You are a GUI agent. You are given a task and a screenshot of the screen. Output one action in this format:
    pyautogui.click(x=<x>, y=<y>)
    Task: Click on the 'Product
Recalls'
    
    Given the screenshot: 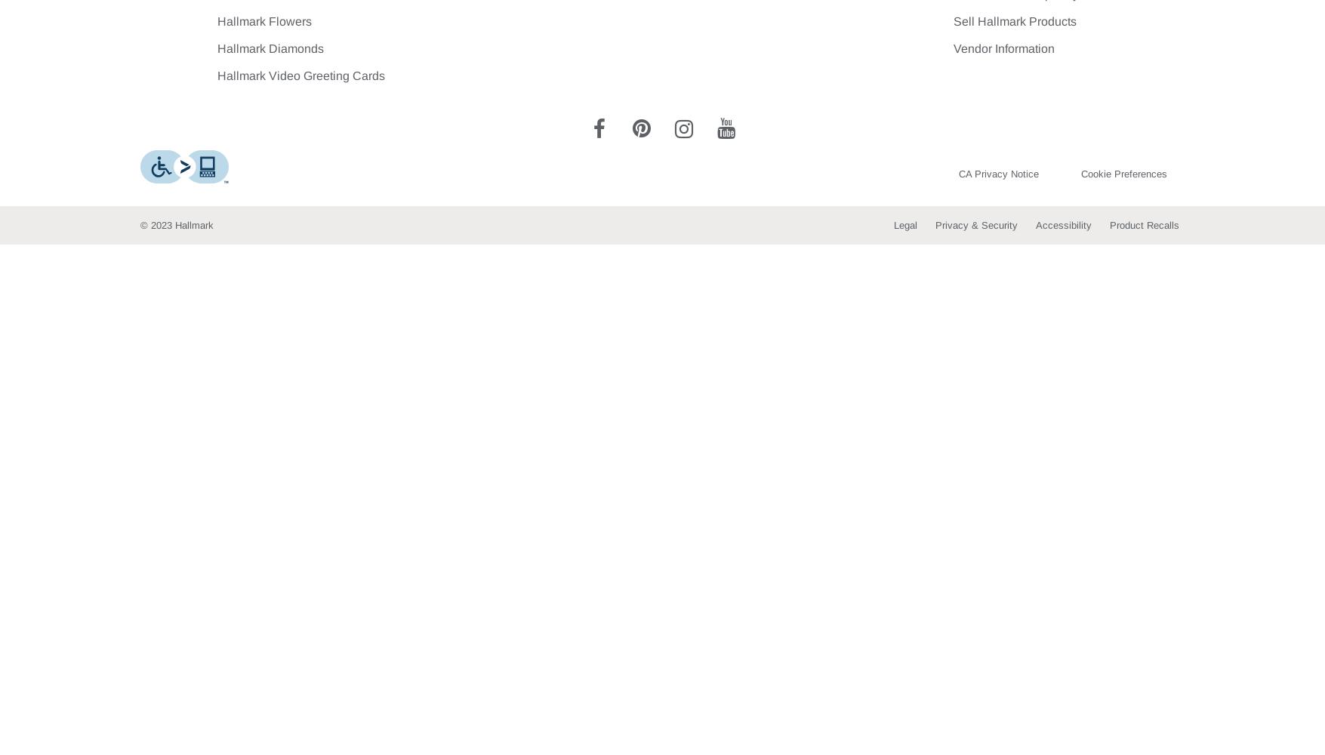 What is the action you would take?
    pyautogui.click(x=1142, y=224)
    